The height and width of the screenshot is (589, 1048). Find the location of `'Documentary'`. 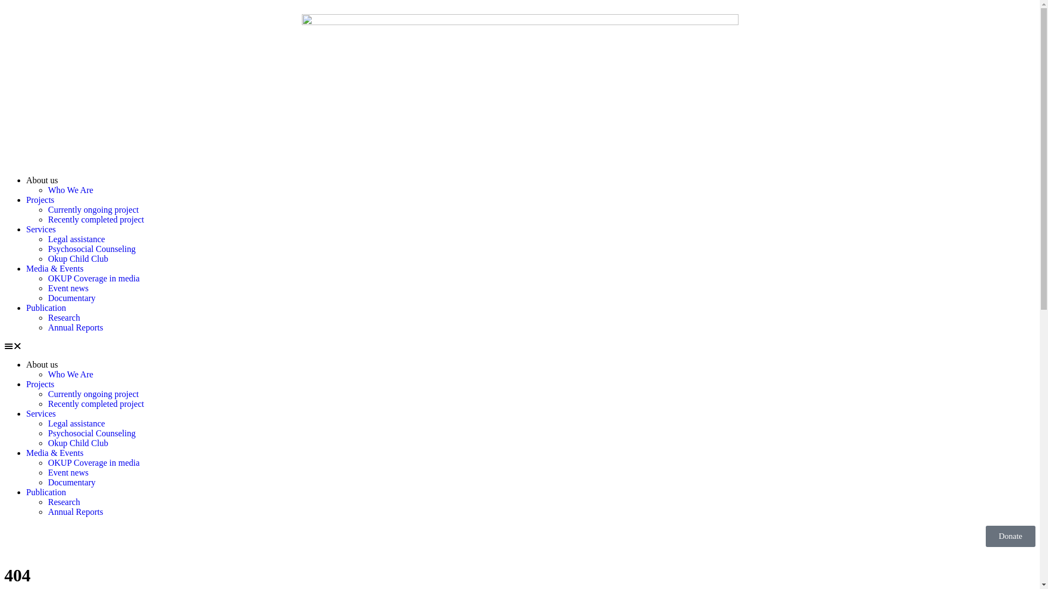

'Documentary' is located at coordinates (71, 482).